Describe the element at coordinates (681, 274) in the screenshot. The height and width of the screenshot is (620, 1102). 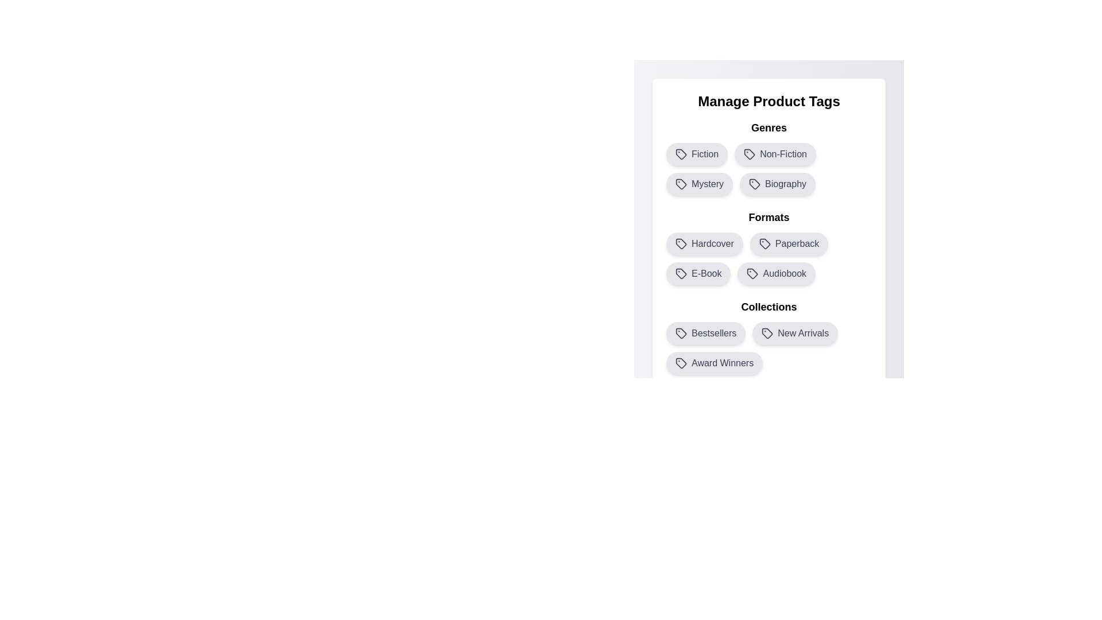
I see `the decorative tag icon located to the left of the 'E-Book' label in the 'Formats' section of the UI` at that location.